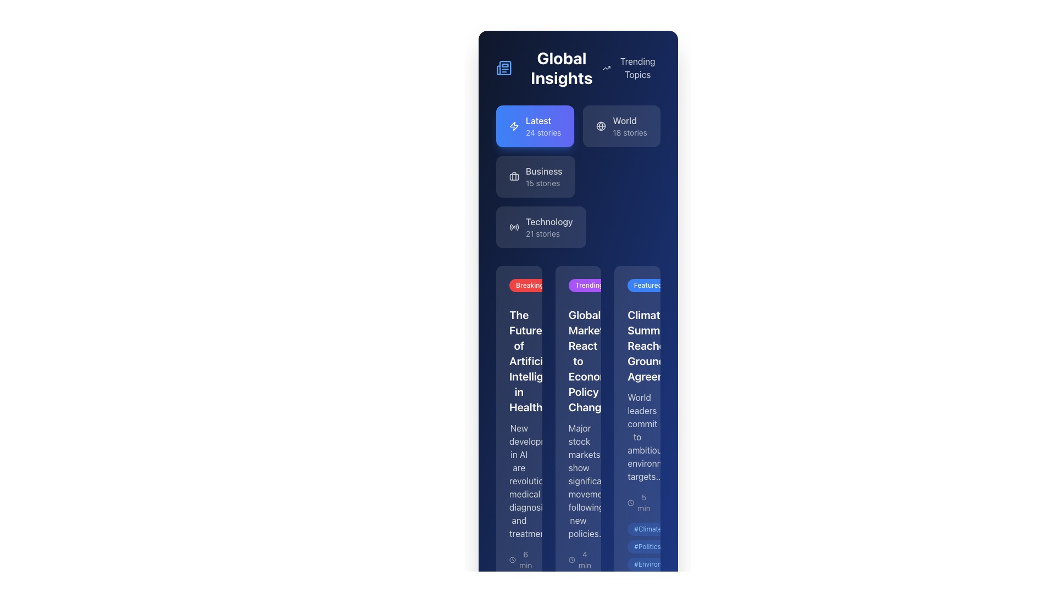 The width and height of the screenshot is (1055, 593). I want to click on the decorative icon representing a newspaper or journal, located in the top-left section of the interface, to the left of the 'Global Insights' text, so click(503, 68).